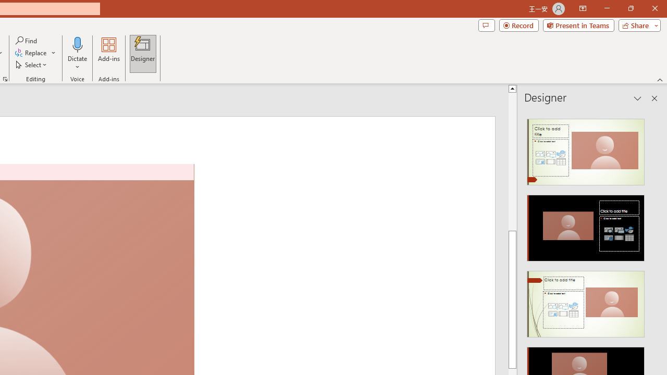 This screenshot has height=375, width=667. Describe the element at coordinates (660, 79) in the screenshot. I see `'Collapse the Ribbon'` at that location.